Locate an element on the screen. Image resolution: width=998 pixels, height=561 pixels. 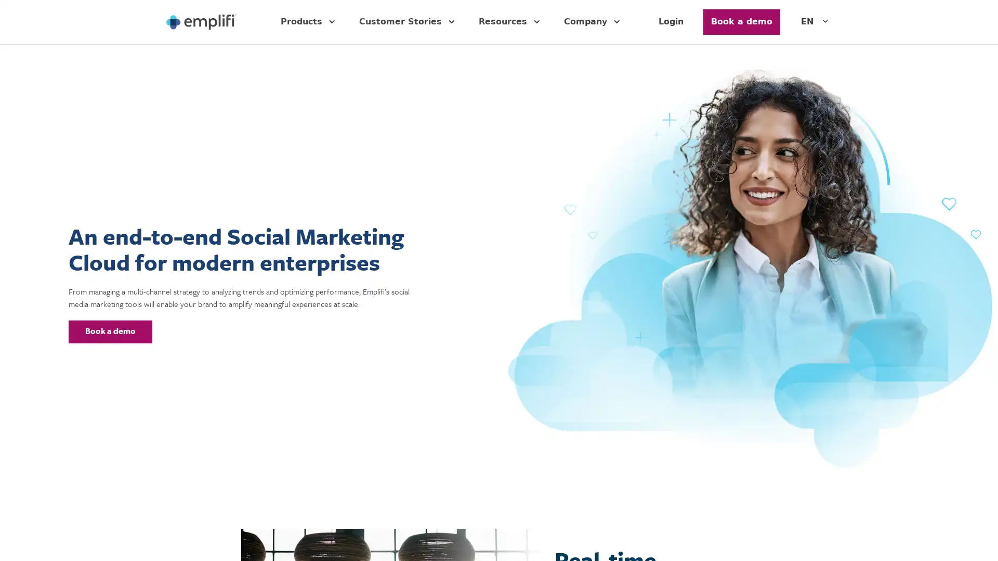
Company is located at coordinates (594, 22).